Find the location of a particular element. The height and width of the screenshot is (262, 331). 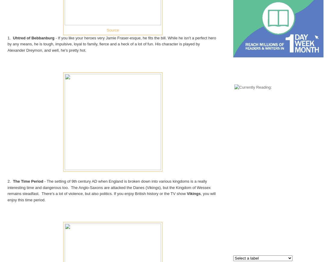

'2.' is located at coordinates (10, 181).